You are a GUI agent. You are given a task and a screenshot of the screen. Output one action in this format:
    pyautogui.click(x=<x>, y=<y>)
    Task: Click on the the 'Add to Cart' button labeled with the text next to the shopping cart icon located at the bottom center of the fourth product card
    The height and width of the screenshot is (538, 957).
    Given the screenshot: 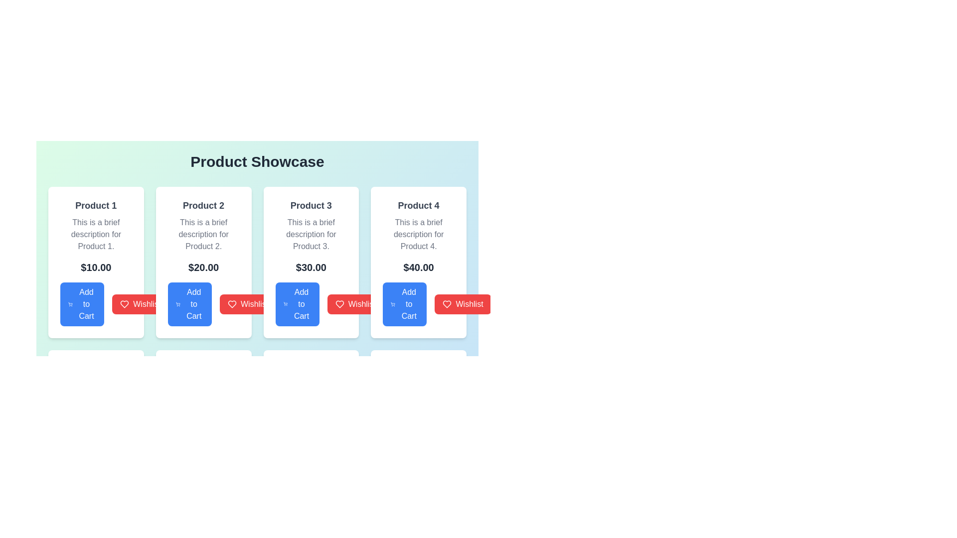 What is the action you would take?
    pyautogui.click(x=409, y=303)
    